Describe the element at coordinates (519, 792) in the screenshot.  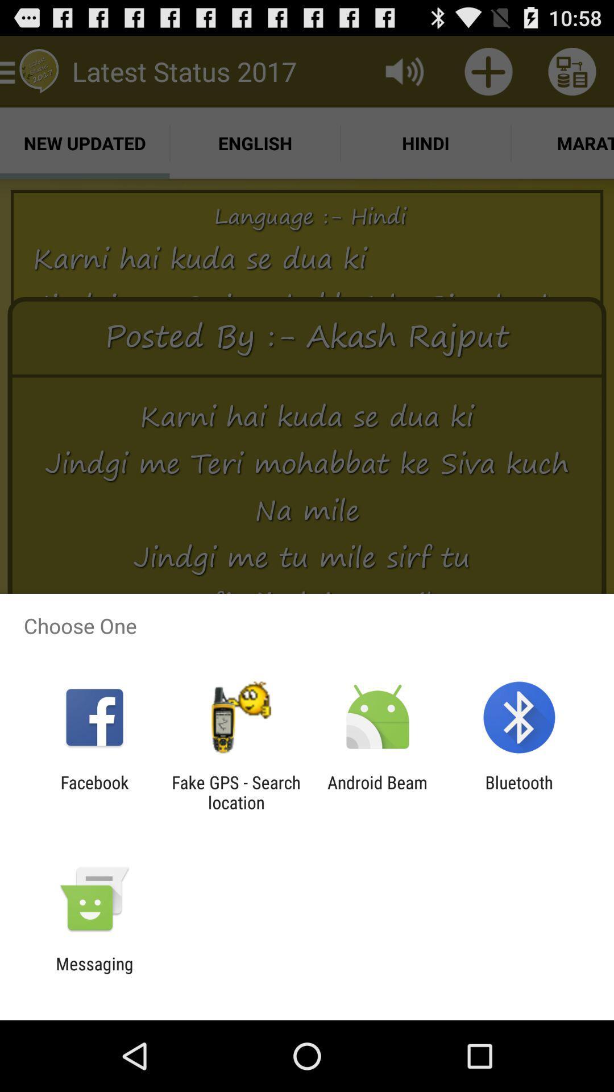
I see `the app next to the android beam` at that location.